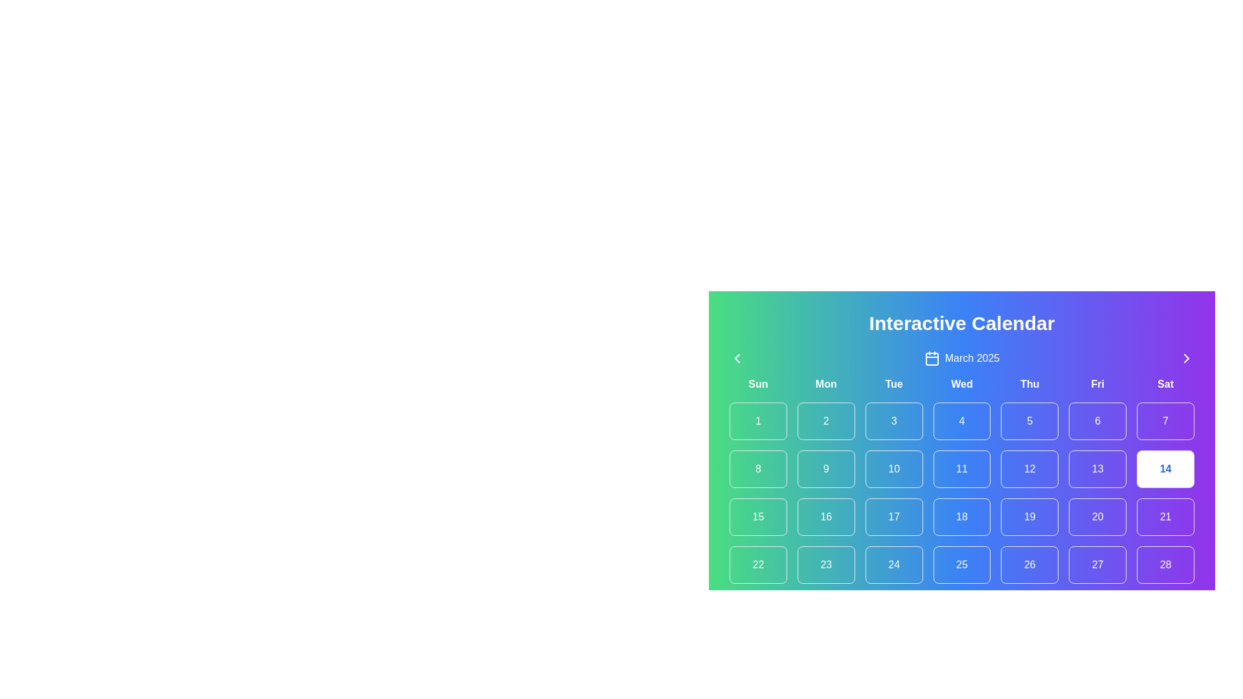 The image size is (1243, 699). I want to click on the calendar day cell containing the number '3' located, so click(893, 421).